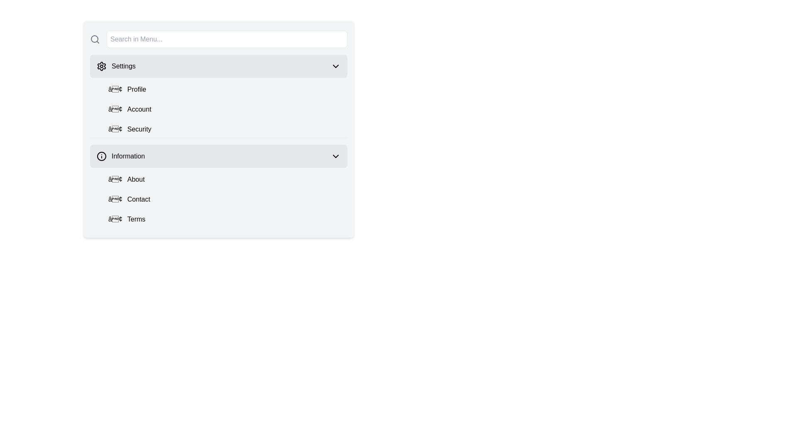 The image size is (797, 448). Describe the element at coordinates (219, 109) in the screenshot. I see `or copy the text 'Account' by clicking on the second navigation link under the 'Settings' section, which is a button-like element with a bullet symbol and the text 'Account'` at that location.